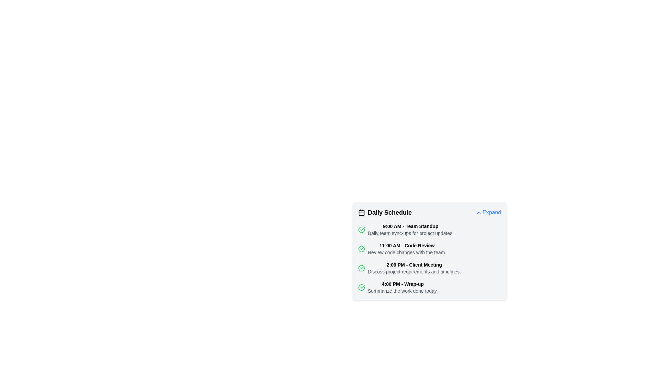 This screenshot has height=371, width=660. What do you see at coordinates (384, 212) in the screenshot?
I see `the 'Daily Schedule' text next to the calendar icon` at bounding box center [384, 212].